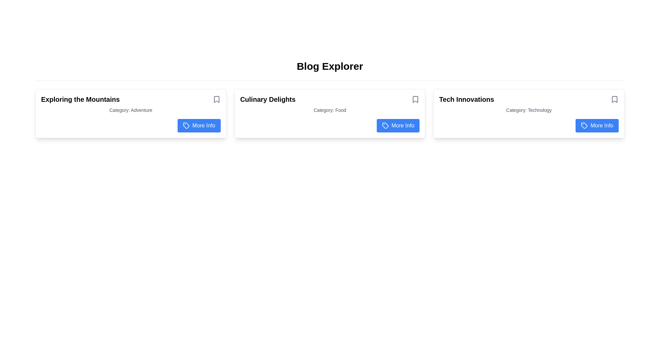 The width and height of the screenshot is (647, 364). I want to click on the button in the bottom-right corner of the second card labeled 'Category: Food', so click(398, 126).